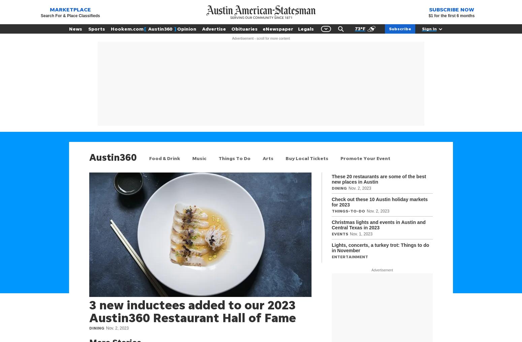 The height and width of the screenshot is (342, 522). What do you see at coordinates (365, 158) in the screenshot?
I see `'Promote Your Event'` at bounding box center [365, 158].